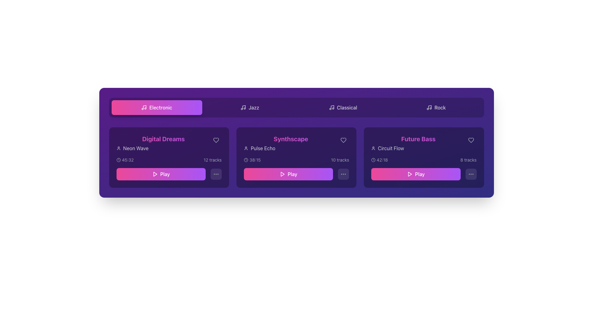 Image resolution: width=592 pixels, height=333 pixels. Describe the element at coordinates (296, 174) in the screenshot. I see `the 'Play' button with a gradient background and a play symbol icon located in the lower portion of the 'Synthscape' card` at that location.